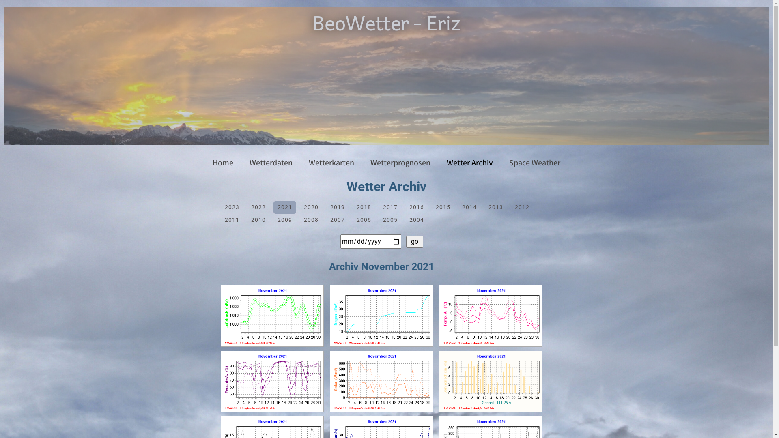  I want to click on '2006', so click(364, 220).